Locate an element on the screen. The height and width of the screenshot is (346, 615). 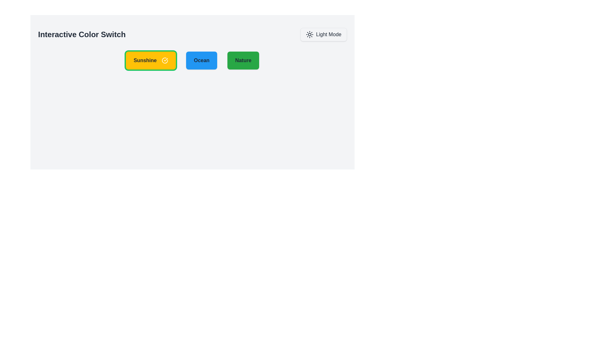
the selection button labeled 'Sunshine' is located at coordinates (151, 61).